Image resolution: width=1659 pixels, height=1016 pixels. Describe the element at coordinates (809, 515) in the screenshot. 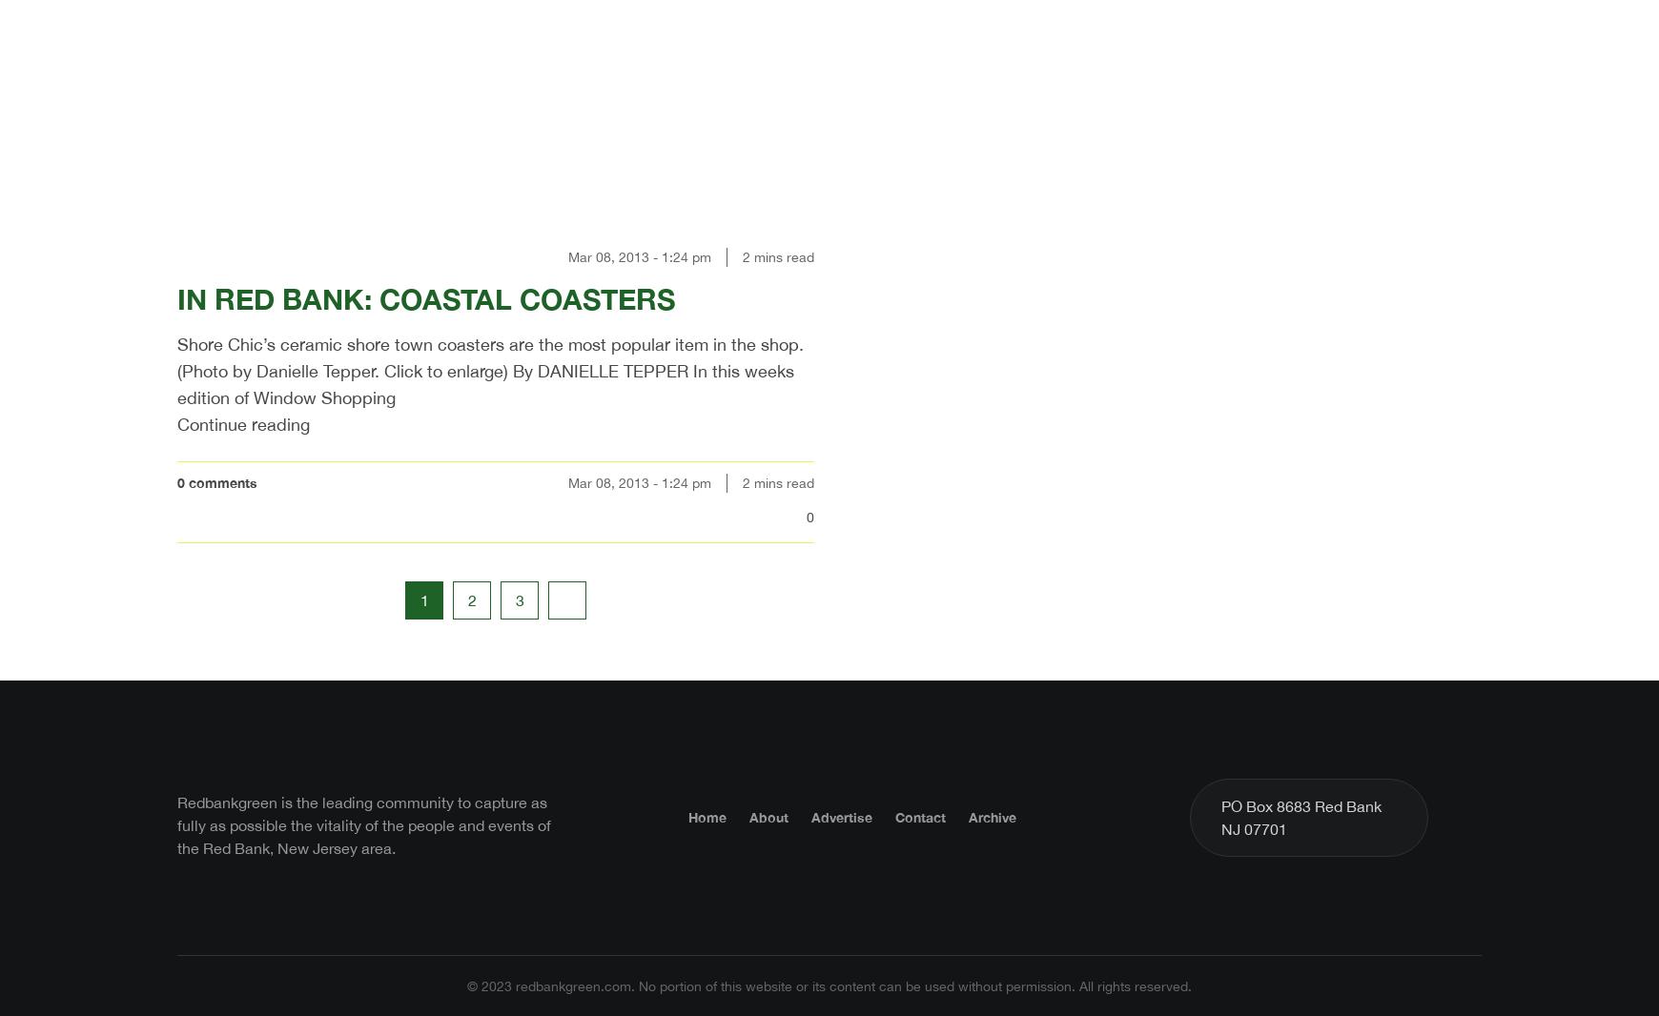

I see `'0'` at that location.